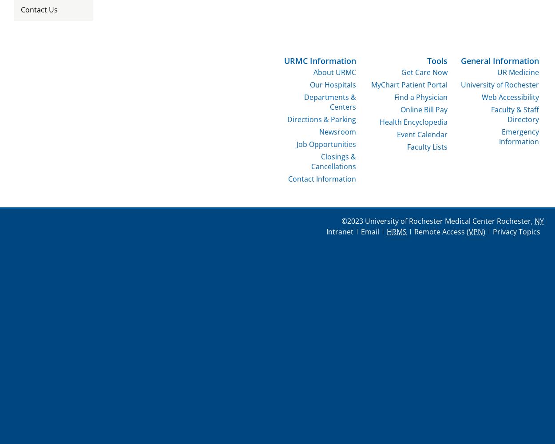 This screenshot has height=444, width=555. I want to click on 'Email', so click(361, 231).